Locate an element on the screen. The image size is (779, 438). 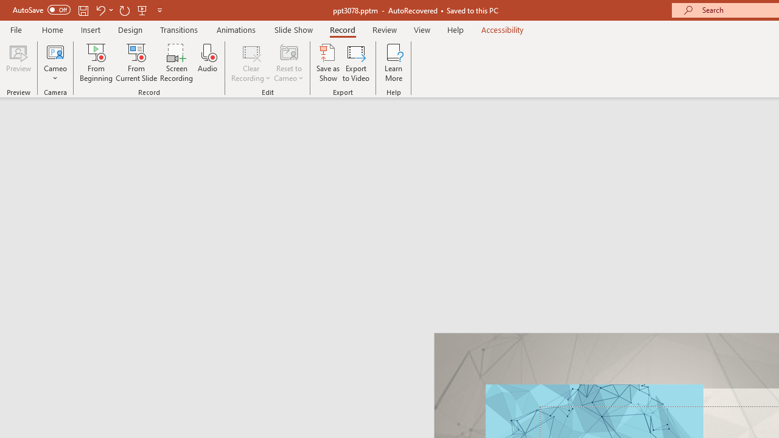
'Clear Recording' is located at coordinates (250, 63).